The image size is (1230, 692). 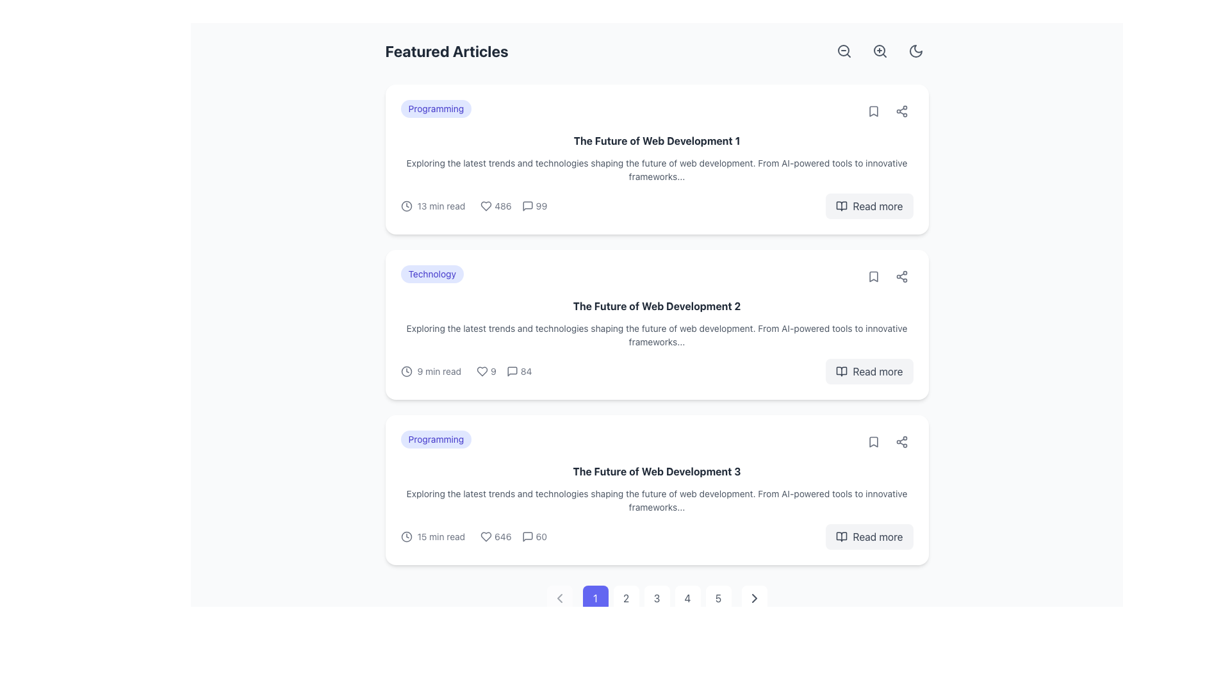 What do you see at coordinates (527, 536) in the screenshot?
I see `speech bubble icon, which serves as a visual indicator for comments or discussions, located at the lower-right corner of 'The Future of Web Development 3' card` at bounding box center [527, 536].